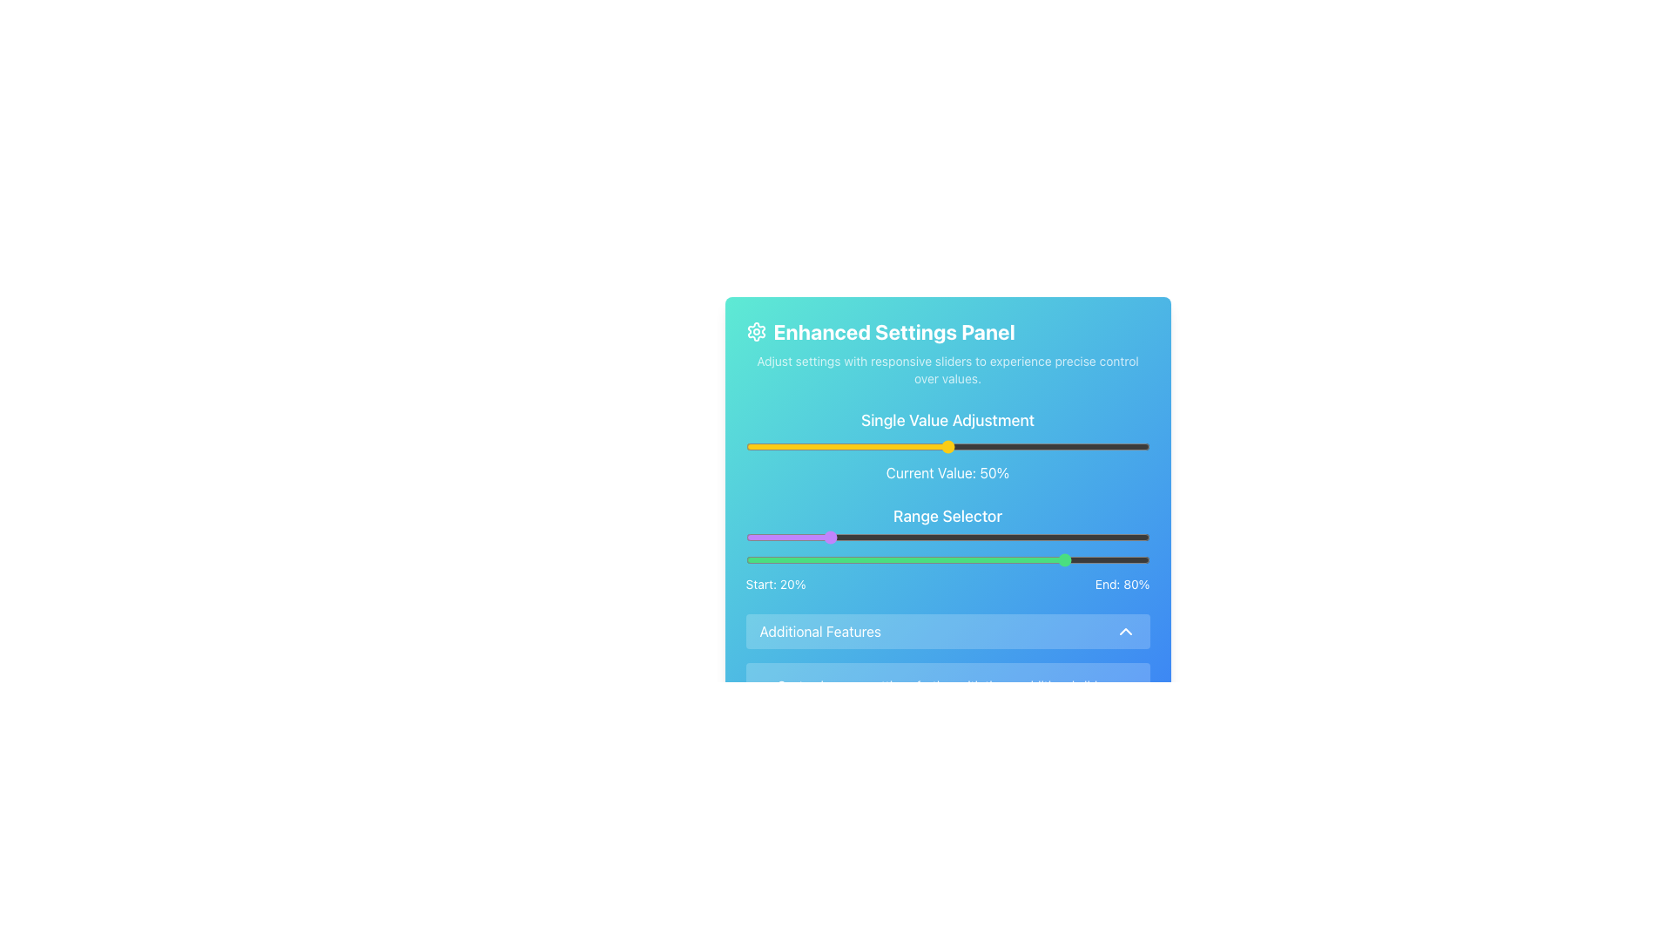 The width and height of the screenshot is (1672, 941). What do you see at coordinates (775, 585) in the screenshot?
I see `the text label displaying 'Start: 20%' in white on a blue background, located below the range slider` at bounding box center [775, 585].